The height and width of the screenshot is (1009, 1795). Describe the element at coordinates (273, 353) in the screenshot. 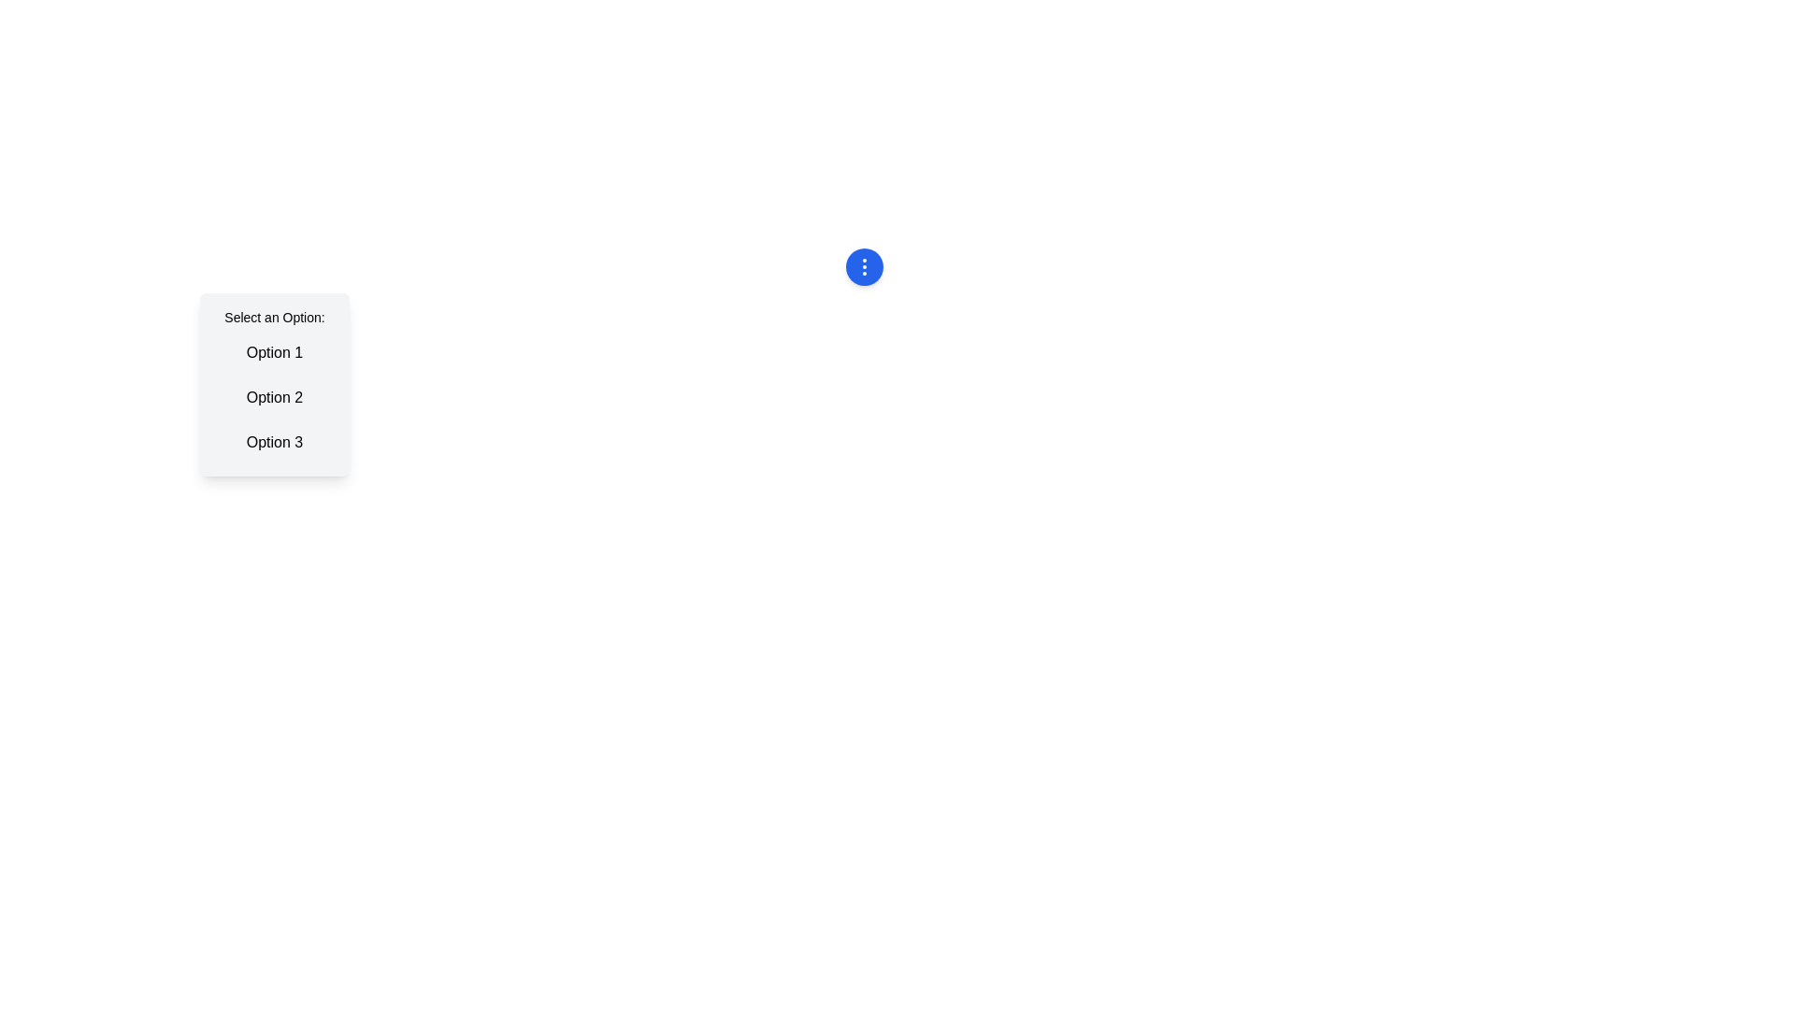

I see `the 'Option 1' button, which is a rectangular button with slightly rounded corners and a hover effect, located at the top of a vertically stacked group of three options` at that location.